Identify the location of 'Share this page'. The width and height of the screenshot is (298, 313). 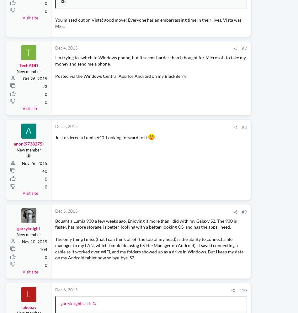
(215, 49).